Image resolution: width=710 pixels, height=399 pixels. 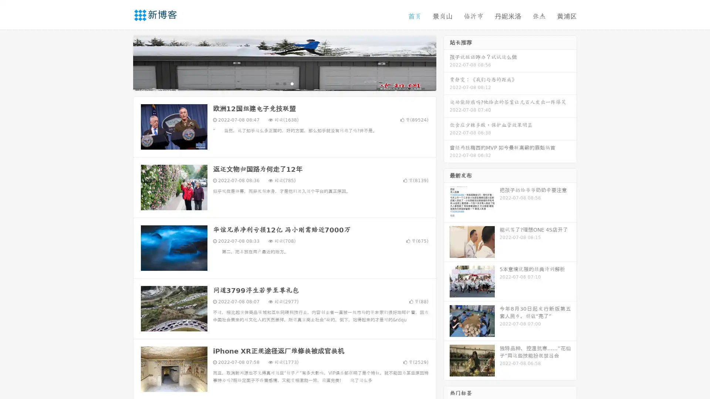 What do you see at coordinates (122, 62) in the screenshot?
I see `Previous slide` at bounding box center [122, 62].